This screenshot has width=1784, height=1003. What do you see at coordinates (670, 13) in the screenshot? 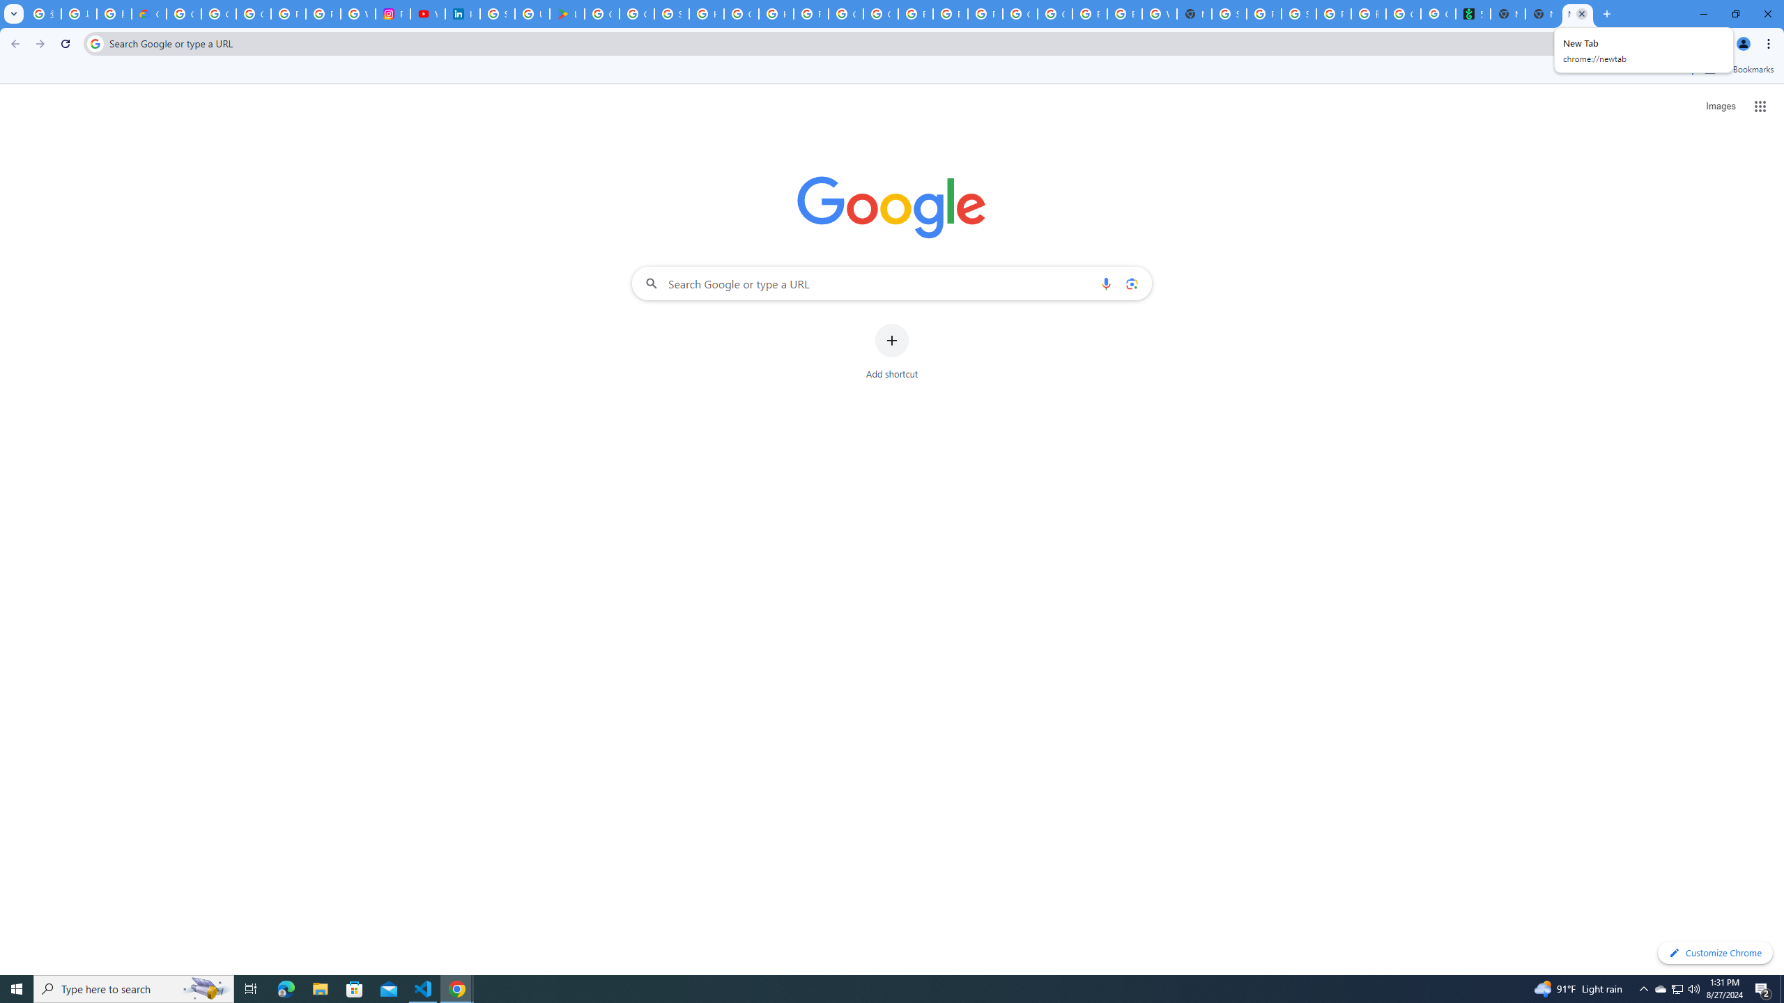
I see `'Sign in - Google Accounts'` at bounding box center [670, 13].